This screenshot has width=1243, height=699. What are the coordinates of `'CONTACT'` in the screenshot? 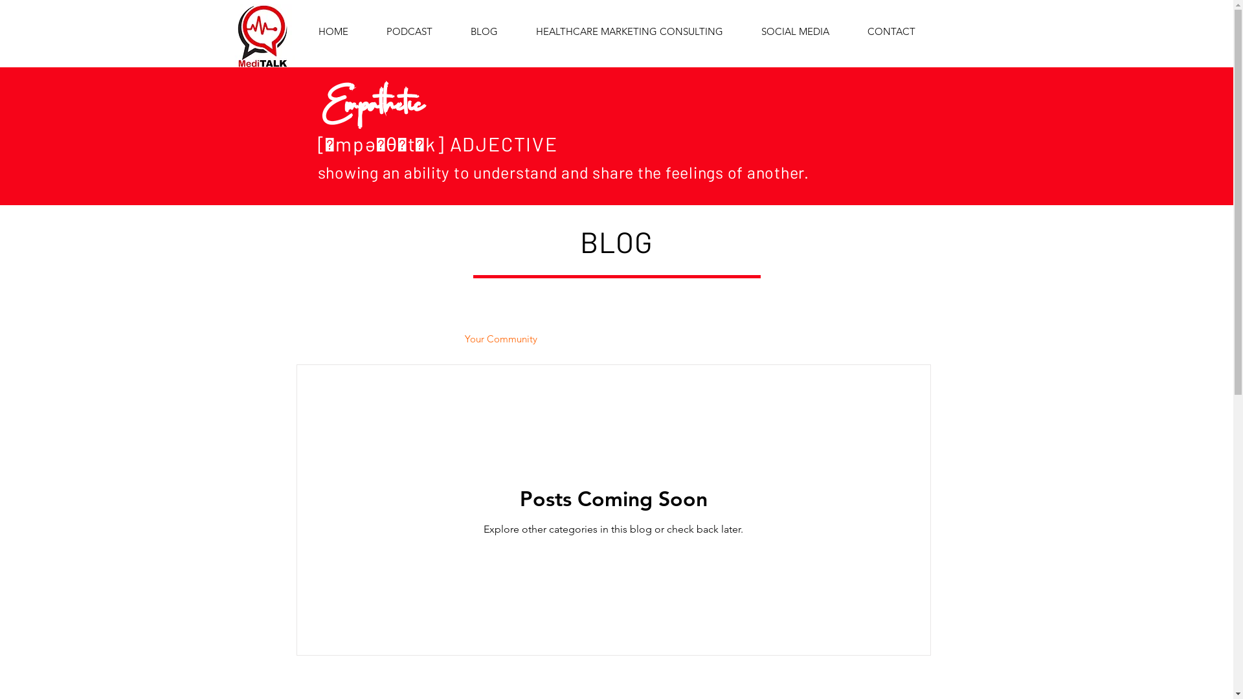 It's located at (890, 31).